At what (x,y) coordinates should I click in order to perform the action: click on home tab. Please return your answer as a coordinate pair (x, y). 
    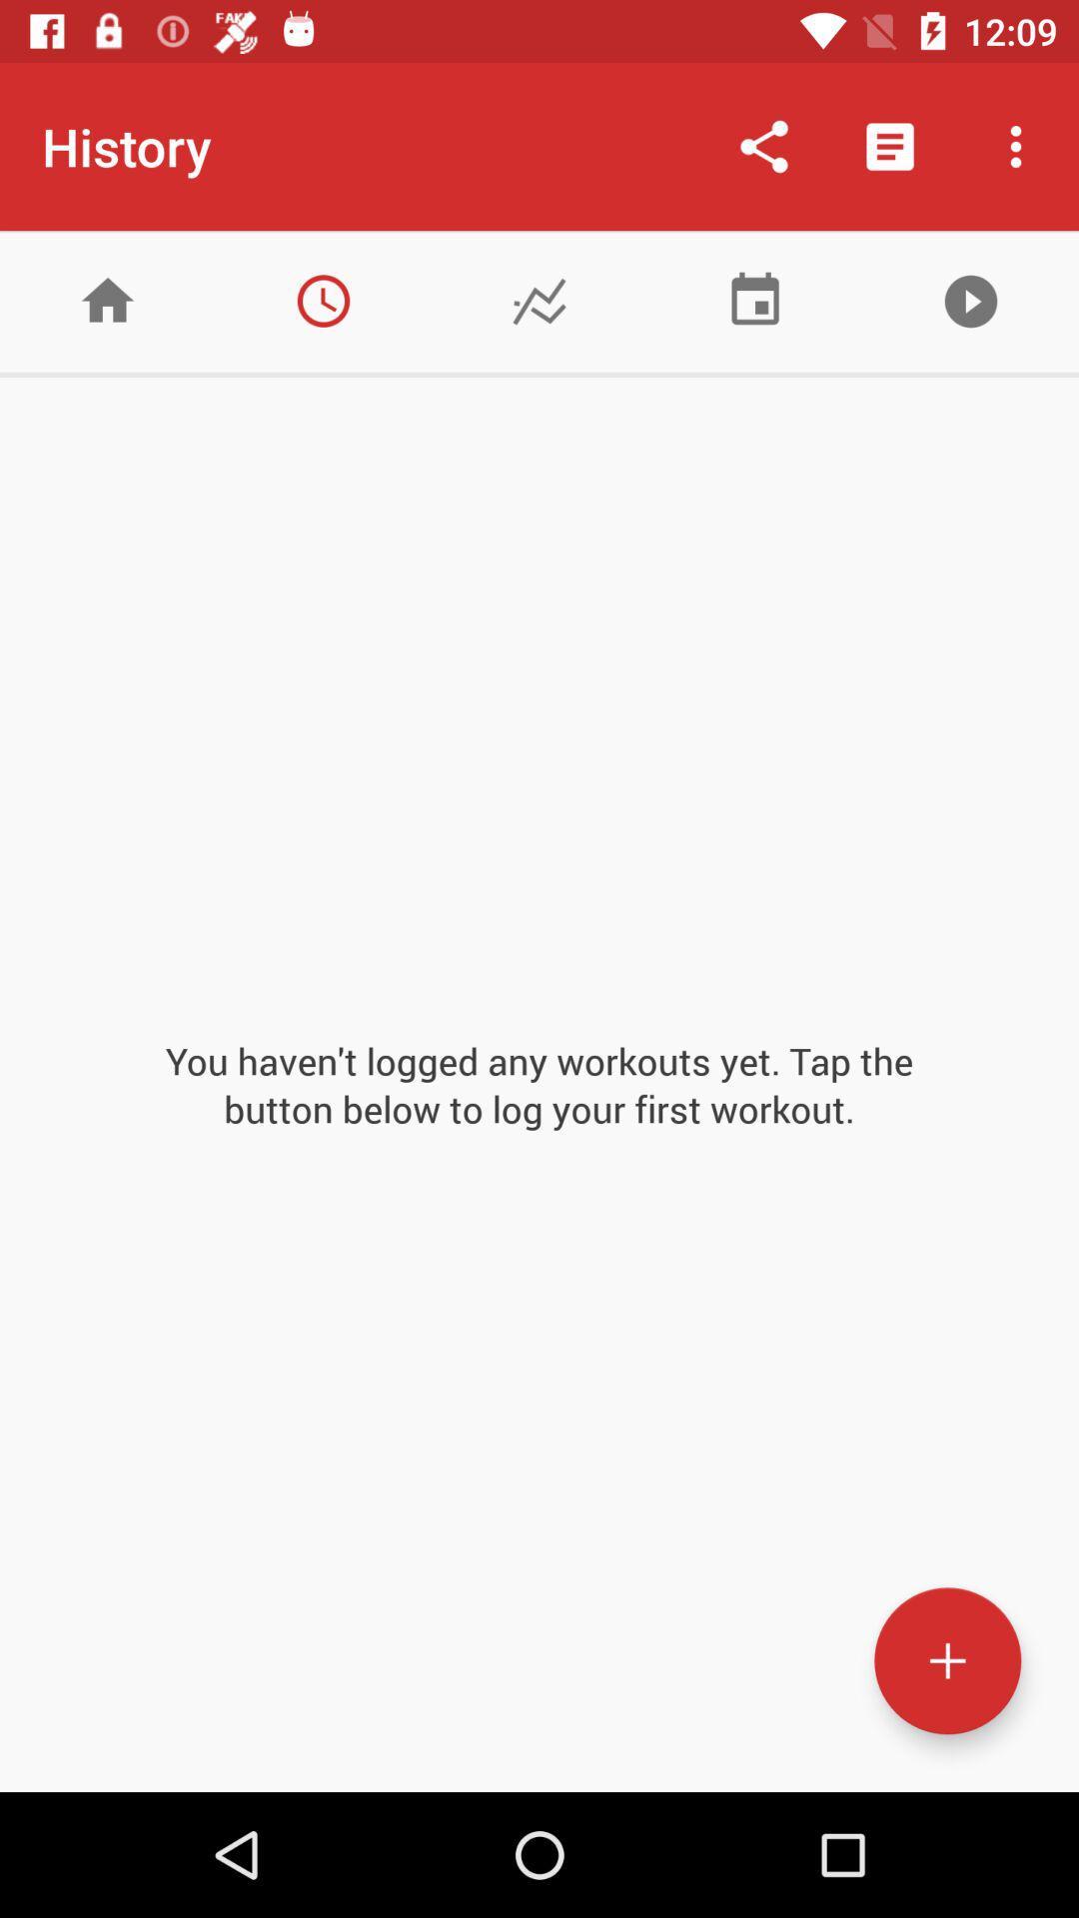
    Looking at the image, I should click on (108, 300).